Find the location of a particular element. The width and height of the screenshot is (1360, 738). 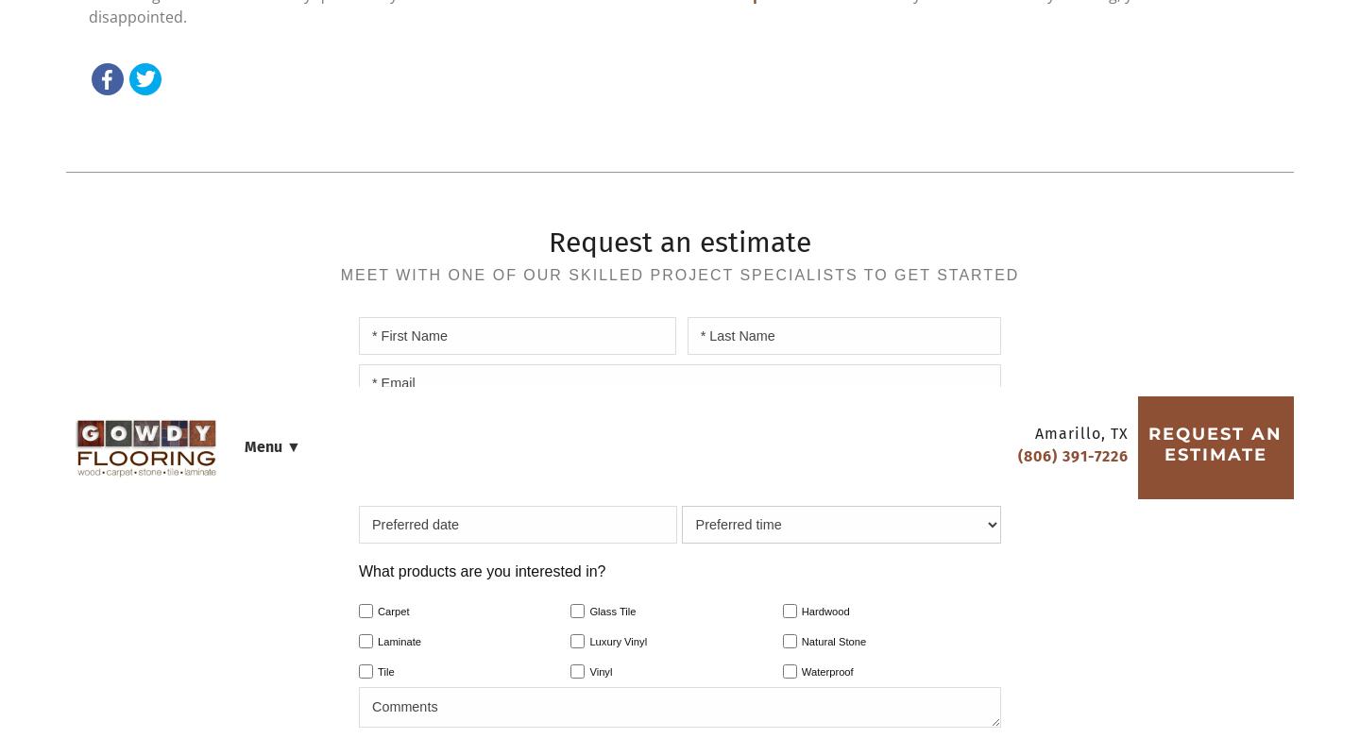

'Location' is located at coordinates (842, 109).